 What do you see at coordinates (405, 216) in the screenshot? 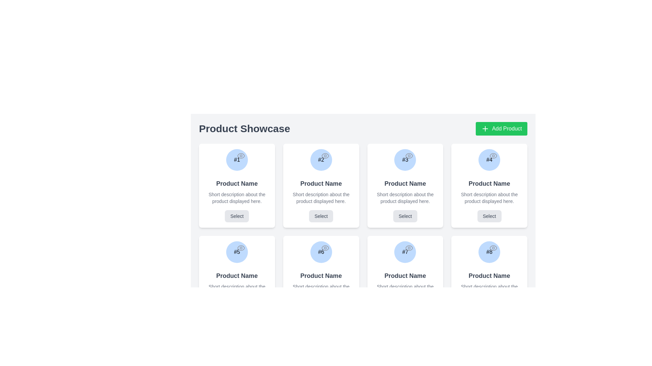
I see `the button located at the bottom center of the third product card, which allows users` at bounding box center [405, 216].